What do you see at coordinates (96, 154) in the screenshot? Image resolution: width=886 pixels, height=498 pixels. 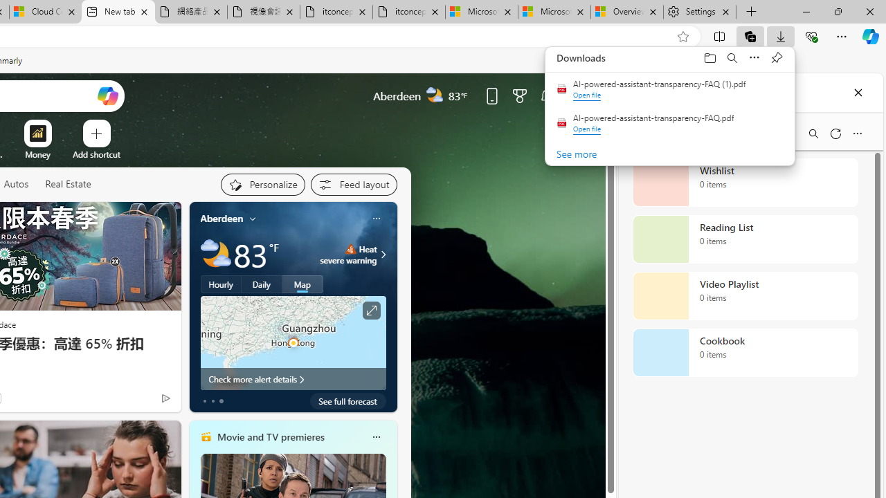 I see `'Add a site'` at bounding box center [96, 154].